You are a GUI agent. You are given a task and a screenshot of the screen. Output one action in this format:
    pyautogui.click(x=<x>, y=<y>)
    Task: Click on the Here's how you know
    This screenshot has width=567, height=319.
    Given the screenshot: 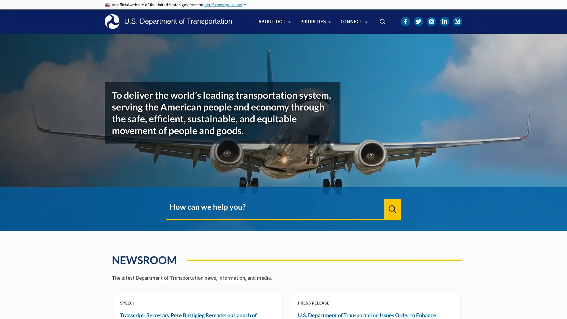 What is the action you would take?
    pyautogui.click(x=225, y=5)
    